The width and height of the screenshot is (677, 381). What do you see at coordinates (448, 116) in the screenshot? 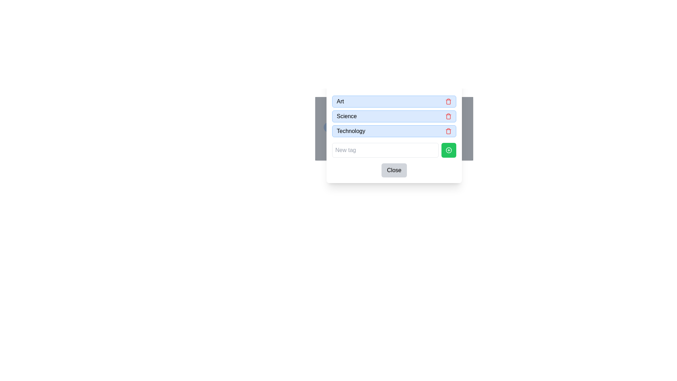
I see `the delete icon button for the 'Science' item in the list` at bounding box center [448, 116].